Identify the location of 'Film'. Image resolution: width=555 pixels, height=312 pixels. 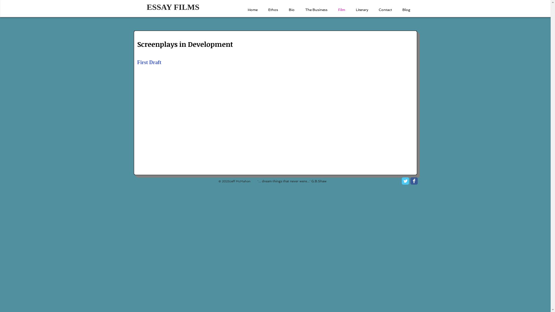
(341, 10).